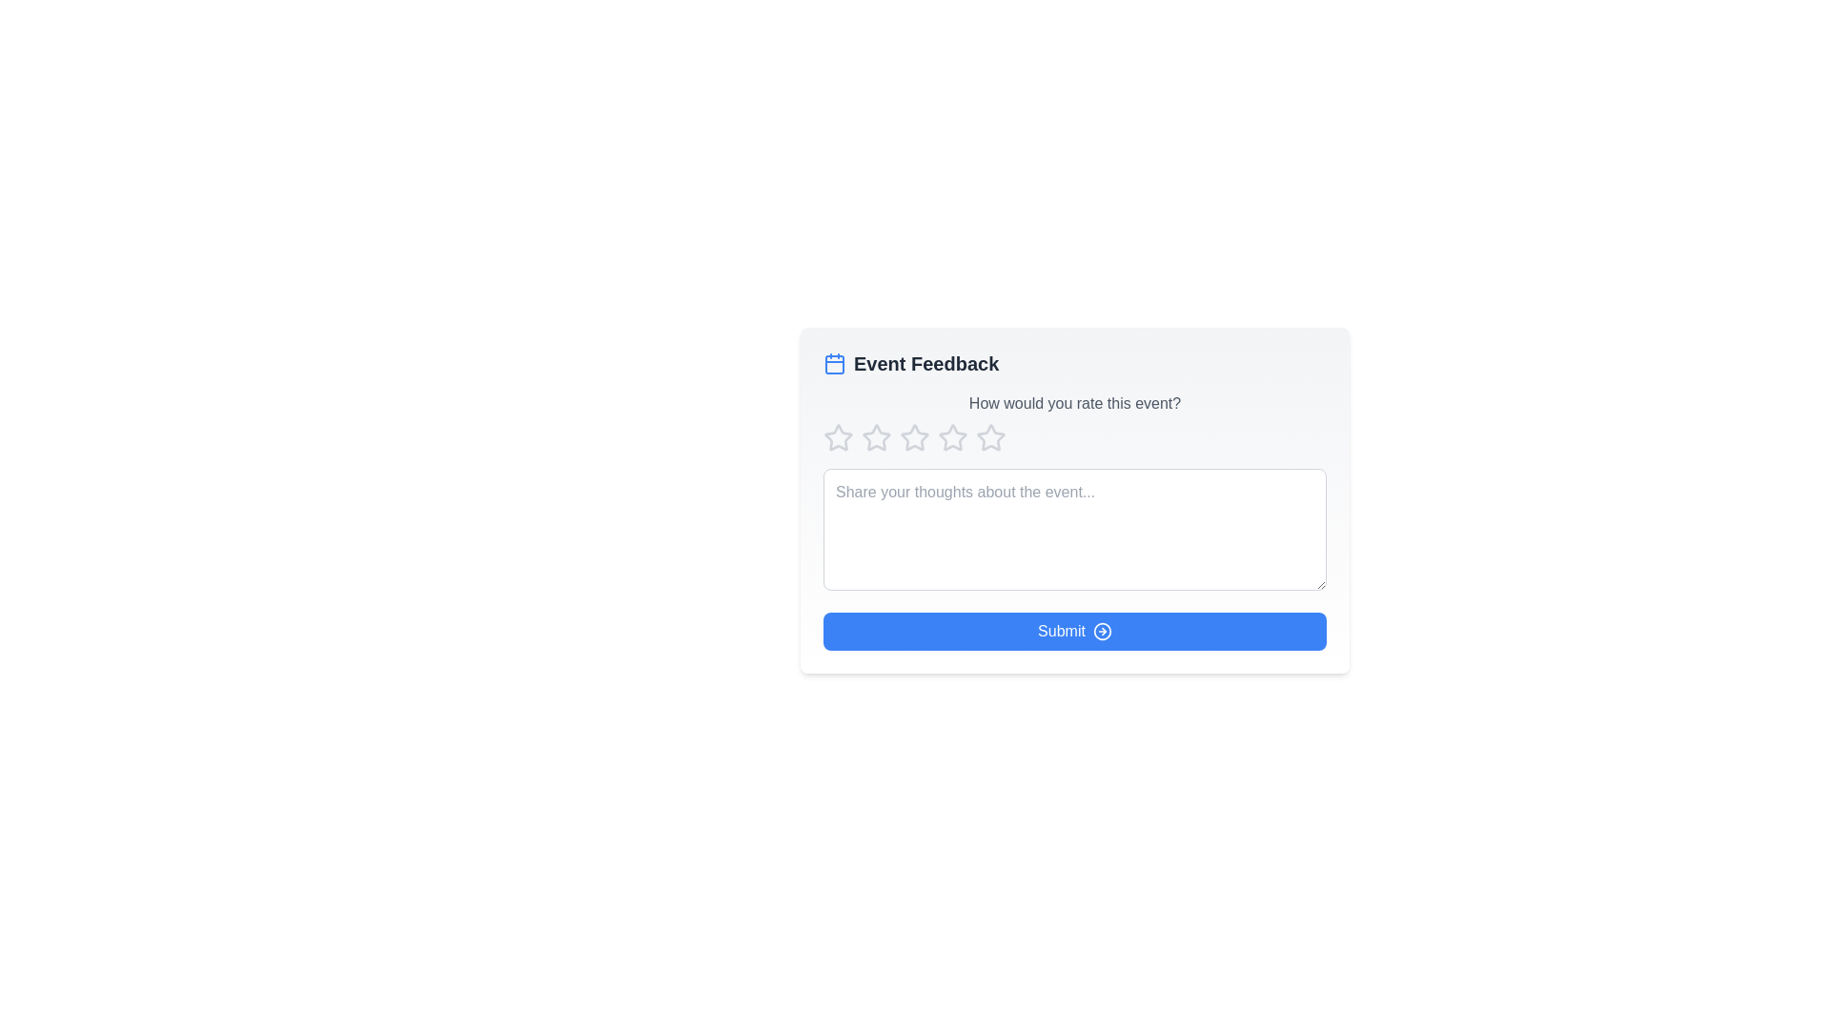  I want to click on the third star icon in the rating interface, so click(952, 437).